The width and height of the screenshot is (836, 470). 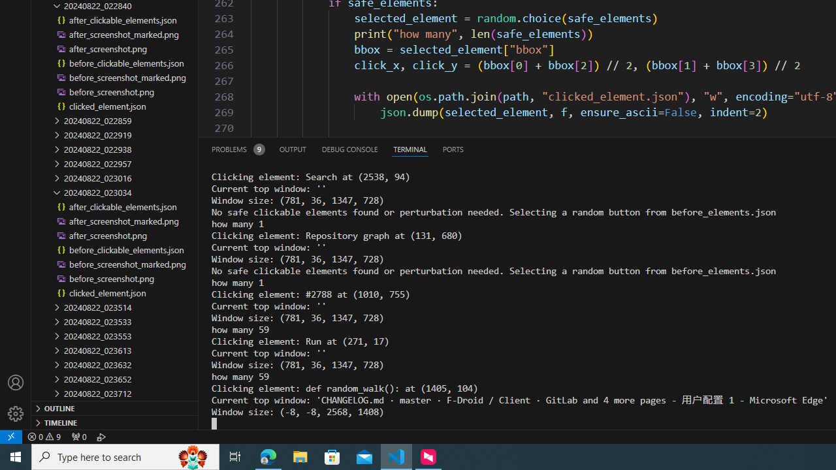 What do you see at coordinates (292, 148) in the screenshot?
I see `'Output (Ctrl+Shift+U)'` at bounding box center [292, 148].